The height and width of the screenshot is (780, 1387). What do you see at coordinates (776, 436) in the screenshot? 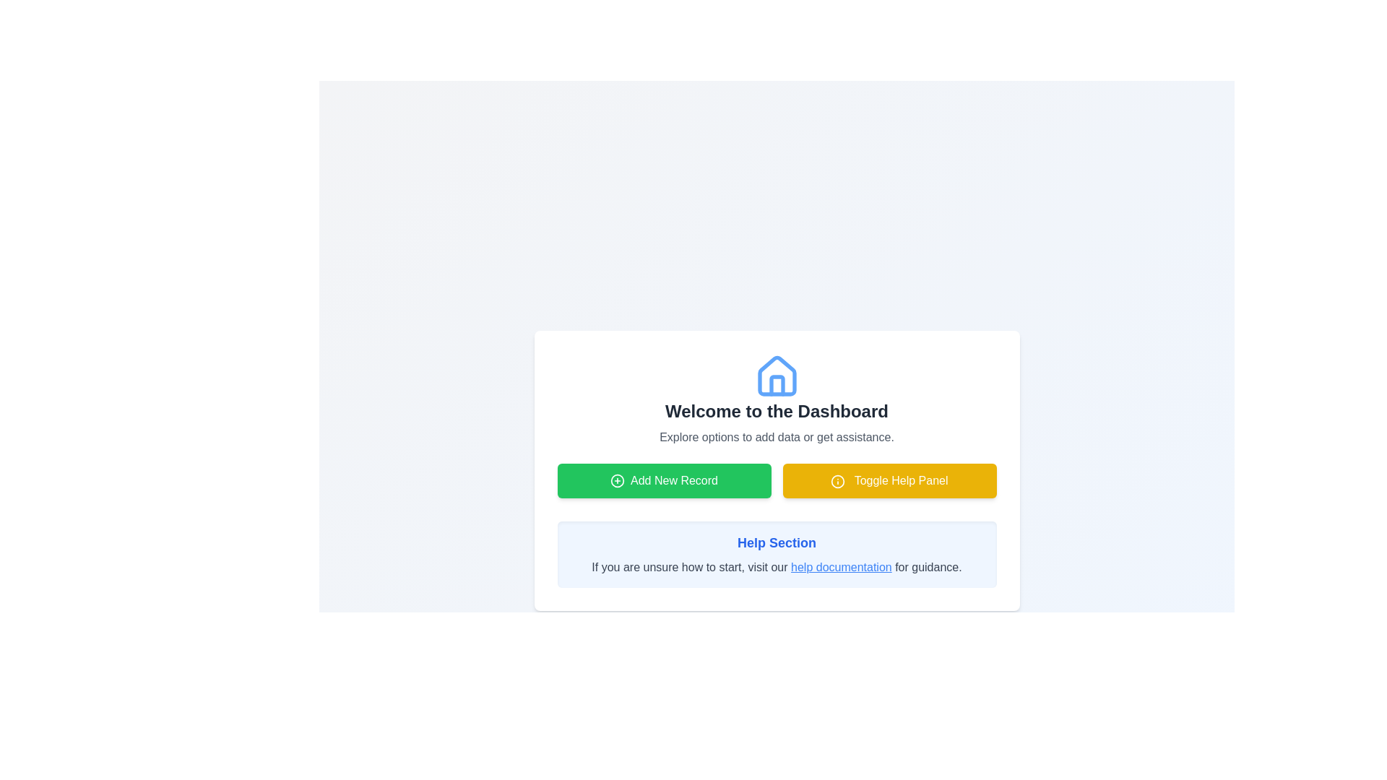
I see `the text label that provides guidance or suggestions, located directly below 'Welcome to the Dashboard' and above the buttons 'Add New Record' and 'Toggle Help Panel'` at bounding box center [776, 436].